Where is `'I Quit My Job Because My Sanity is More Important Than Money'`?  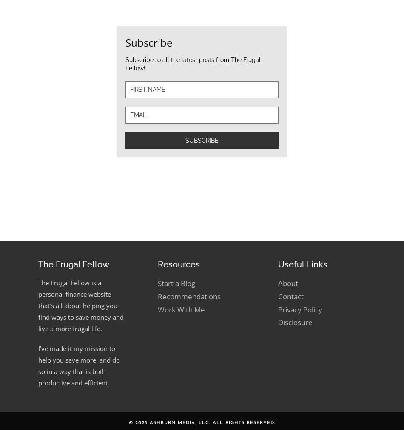 'I Quit My Job Because My Sanity is More Important Than Money' is located at coordinates (329, 188).